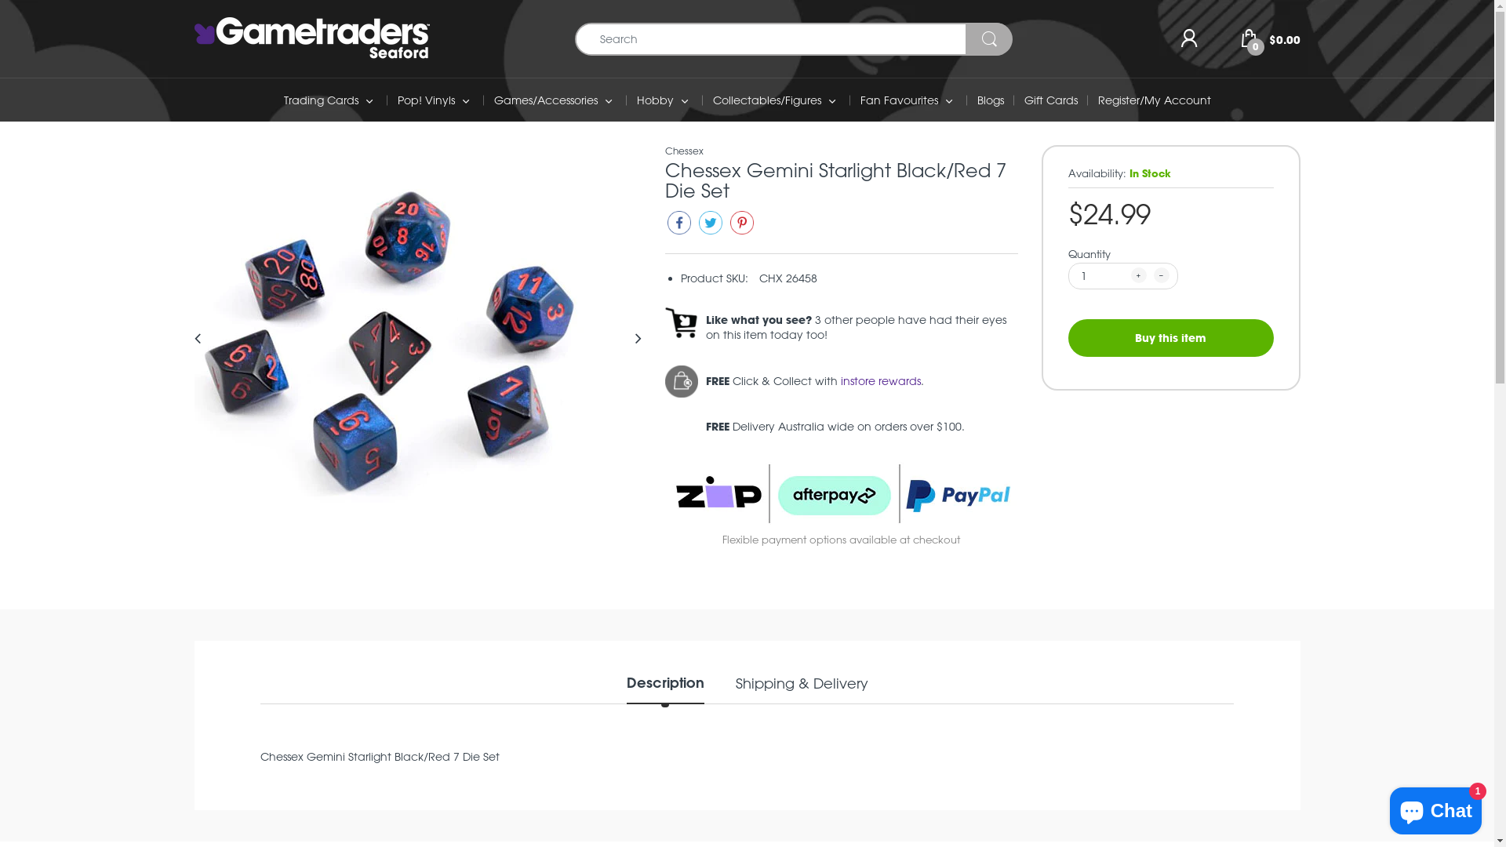 The width and height of the screenshot is (1506, 847). I want to click on 'Shipping & Delivery', so click(734, 688).